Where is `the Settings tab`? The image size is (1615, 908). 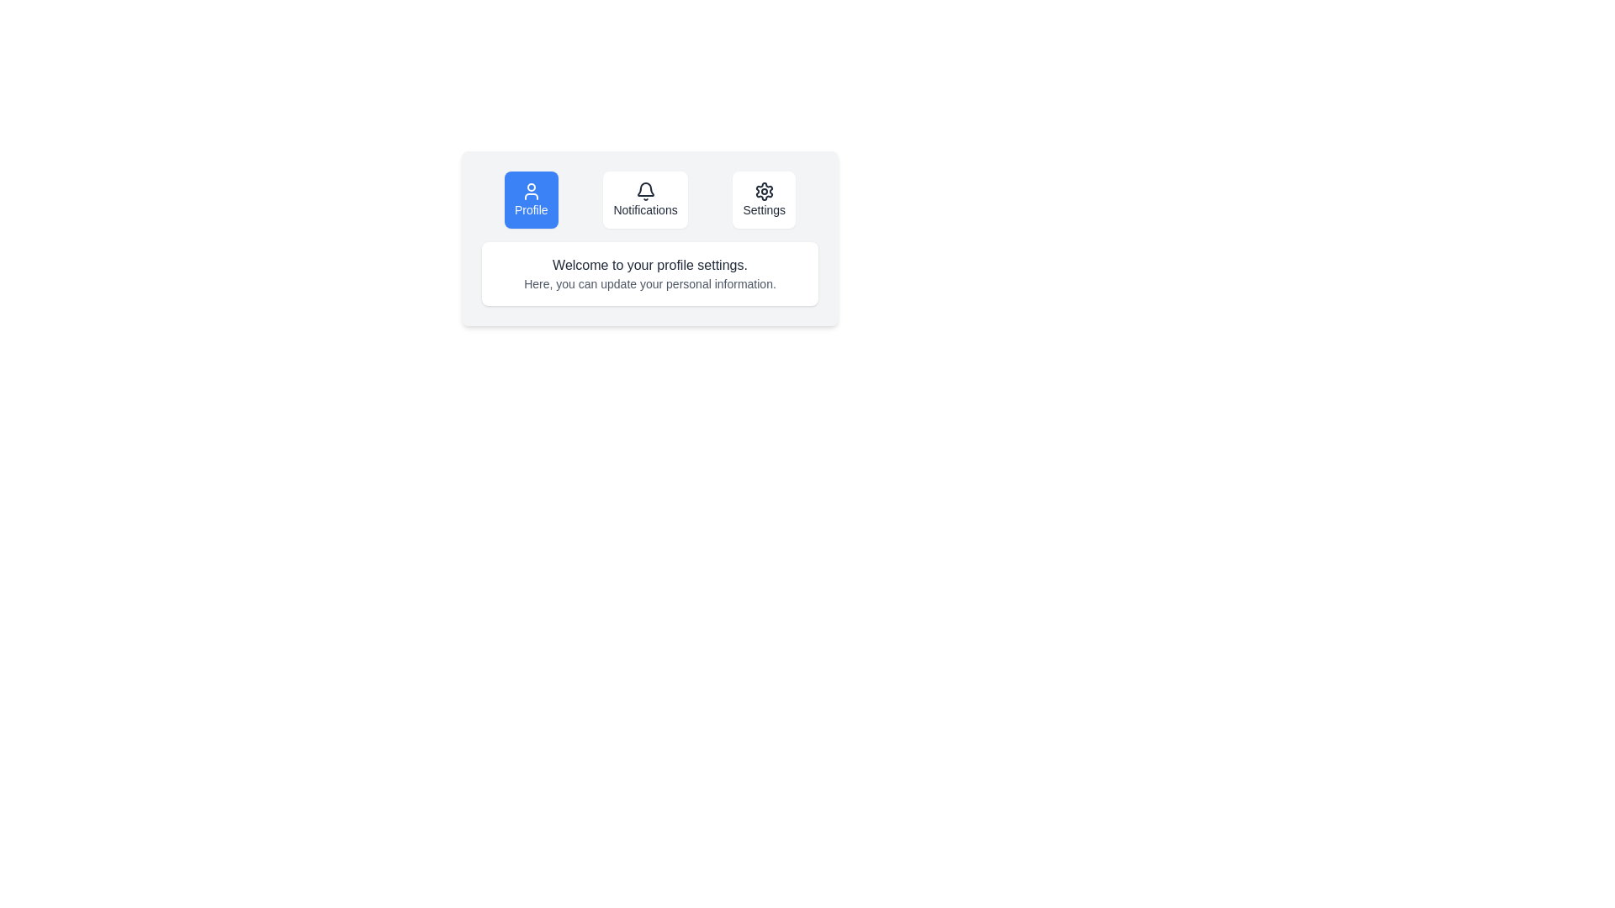
the Settings tab is located at coordinates (763, 199).